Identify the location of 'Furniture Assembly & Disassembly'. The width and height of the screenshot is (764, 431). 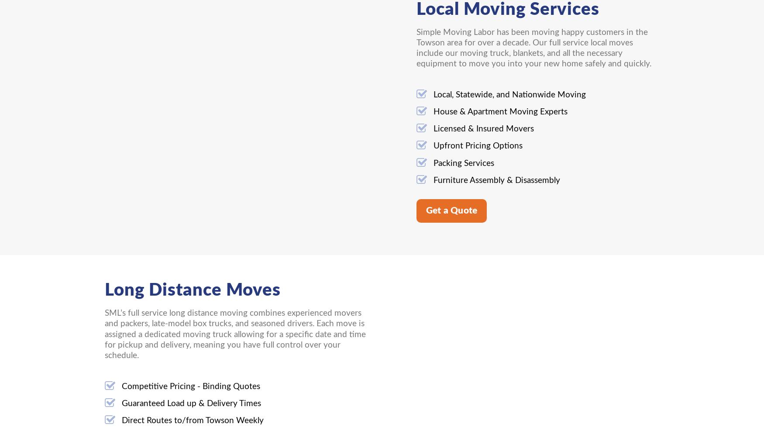
(495, 180).